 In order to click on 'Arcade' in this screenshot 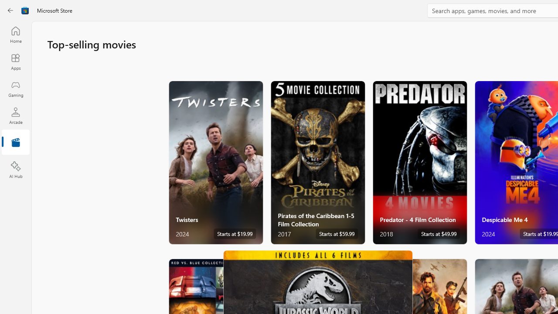, I will do `click(15, 115)`.